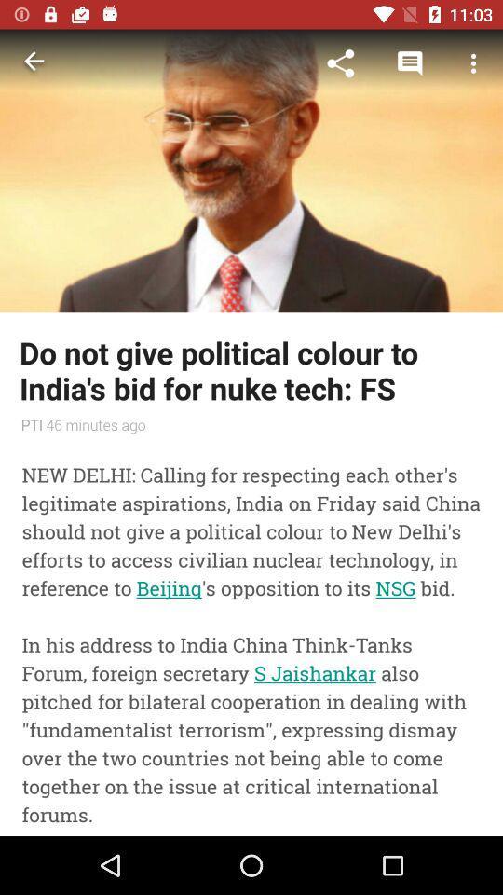 This screenshot has height=895, width=503. I want to click on go back, so click(34, 63).